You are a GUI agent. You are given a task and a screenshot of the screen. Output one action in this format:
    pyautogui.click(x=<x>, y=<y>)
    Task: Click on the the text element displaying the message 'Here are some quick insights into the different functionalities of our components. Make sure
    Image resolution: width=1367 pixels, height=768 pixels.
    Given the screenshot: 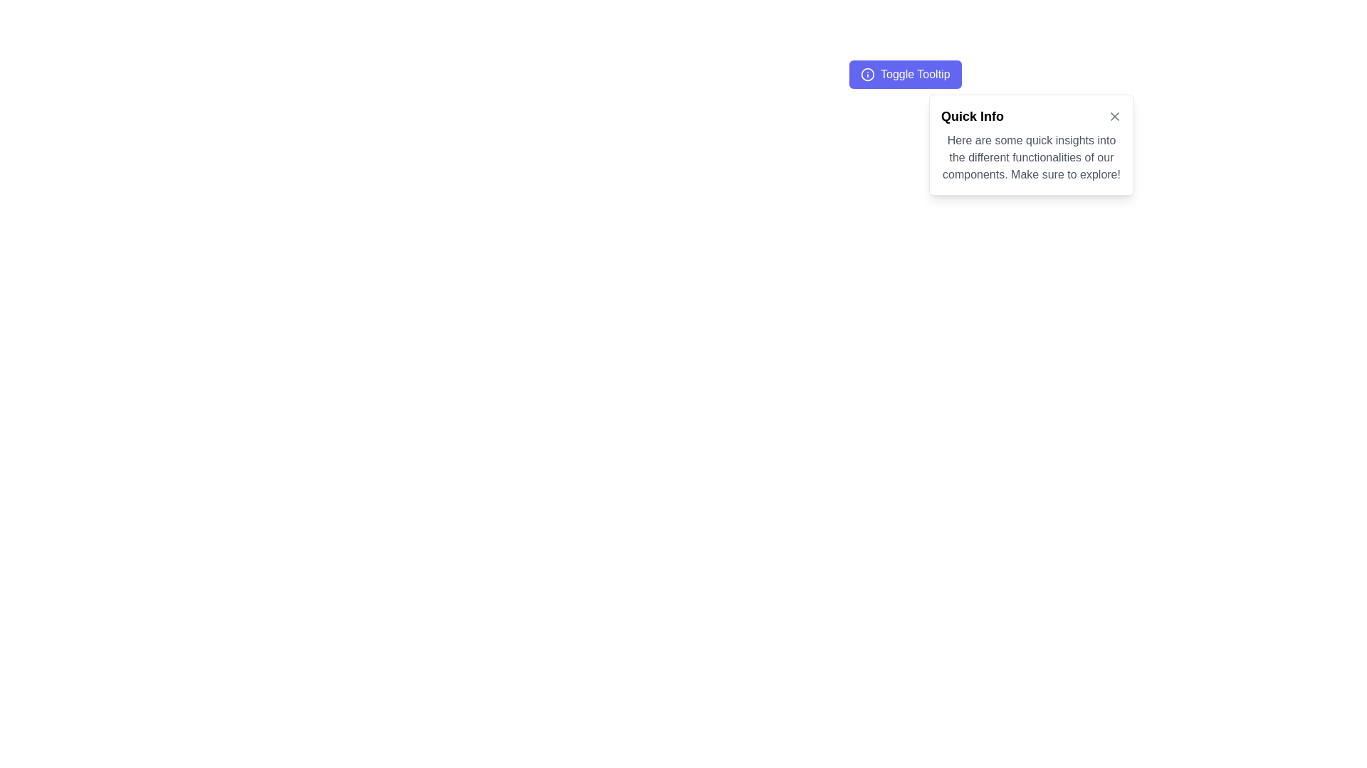 What is the action you would take?
    pyautogui.click(x=1032, y=158)
    